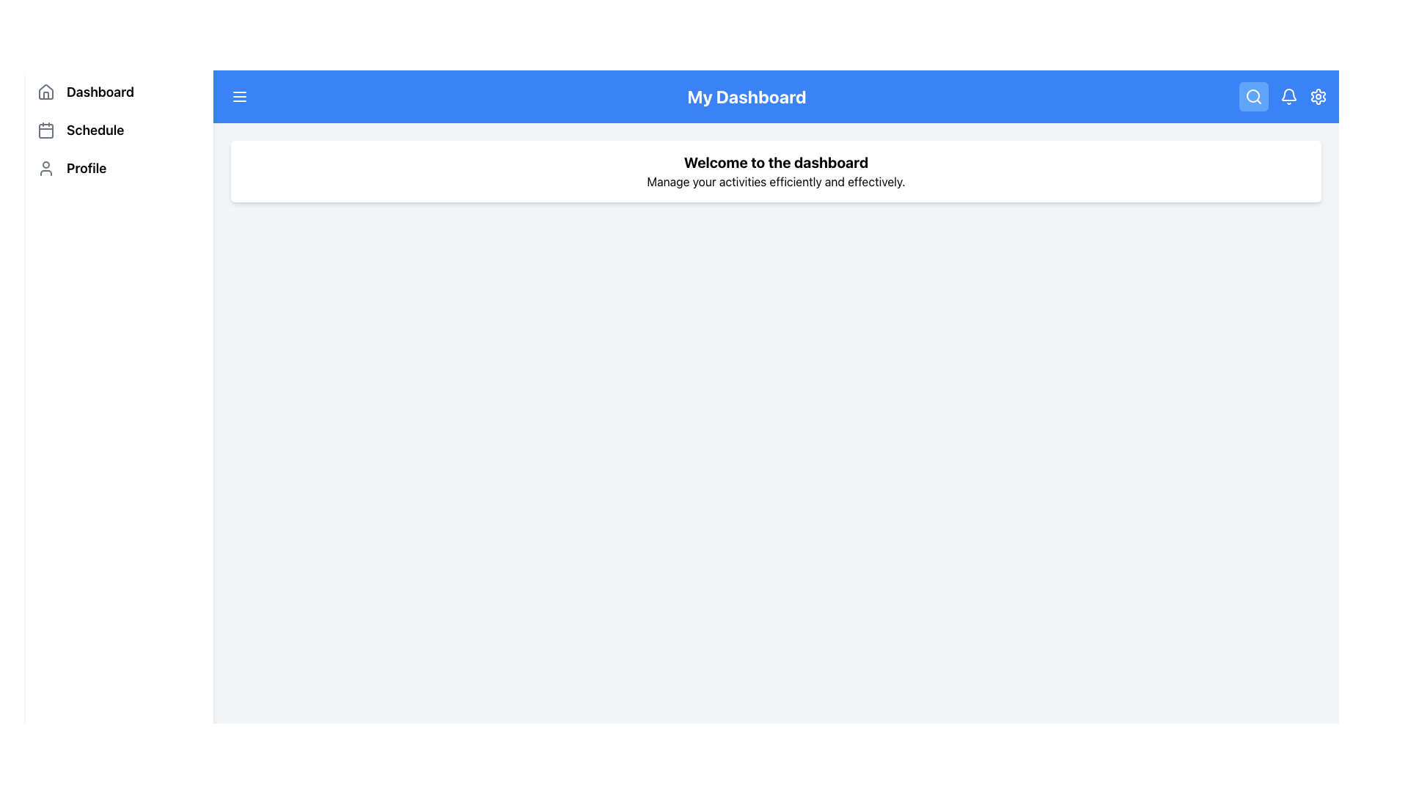 This screenshot has width=1408, height=792. What do you see at coordinates (239, 96) in the screenshot?
I see `the hamburger menu icon, which consists of three horizontal white lines on a blue background` at bounding box center [239, 96].